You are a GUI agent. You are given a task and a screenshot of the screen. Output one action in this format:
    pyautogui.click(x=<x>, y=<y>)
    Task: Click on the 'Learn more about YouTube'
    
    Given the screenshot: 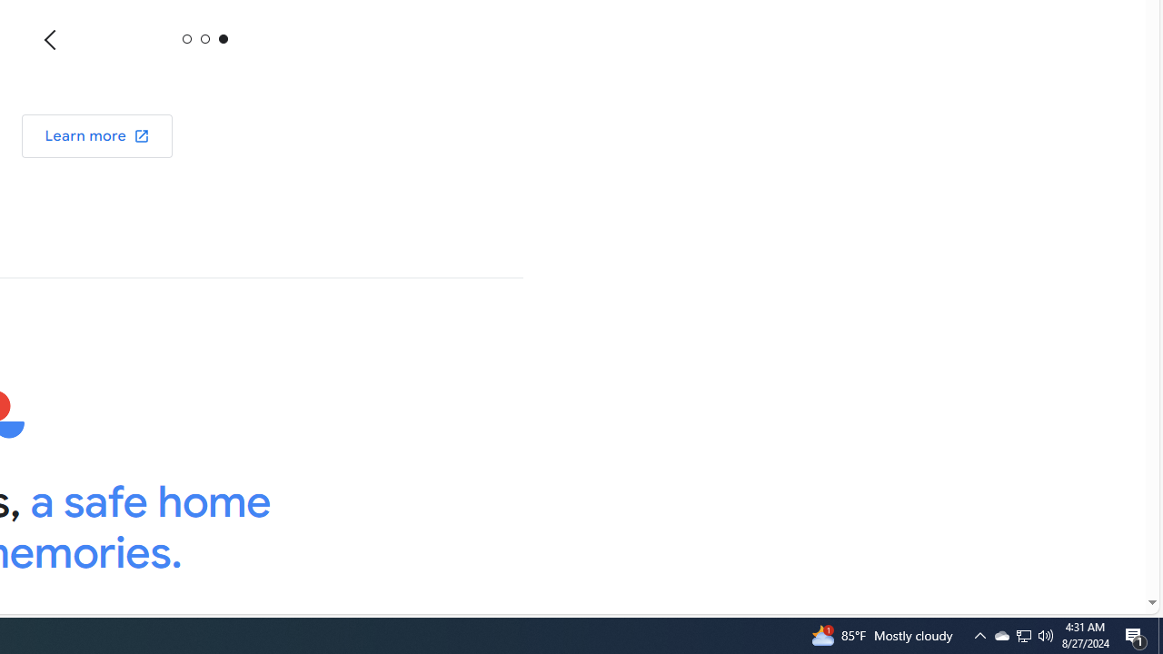 What is the action you would take?
    pyautogui.click(x=96, y=134)
    